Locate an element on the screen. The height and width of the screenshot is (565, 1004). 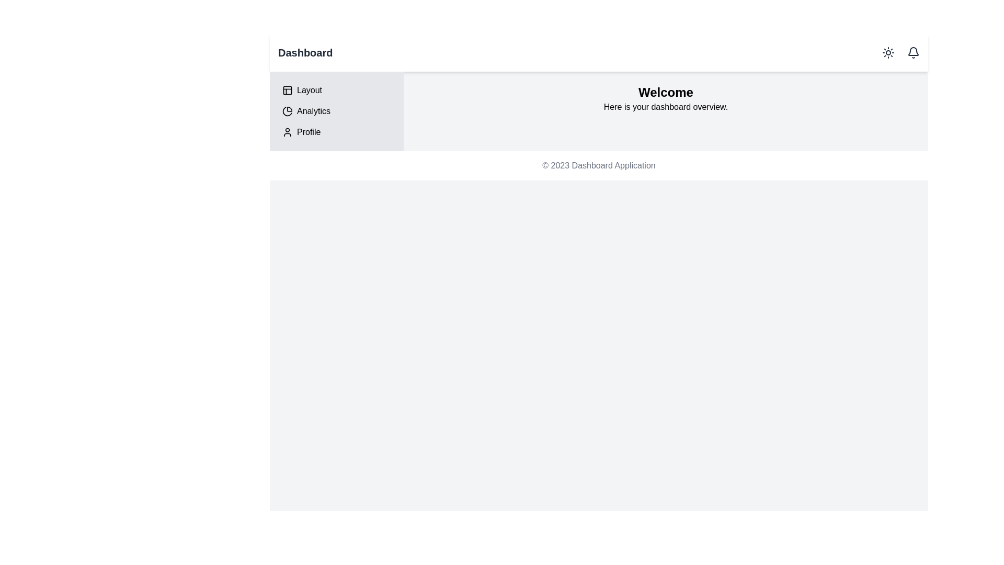
the text label for the profile navigation option, which is the third item is located at coordinates (308, 132).